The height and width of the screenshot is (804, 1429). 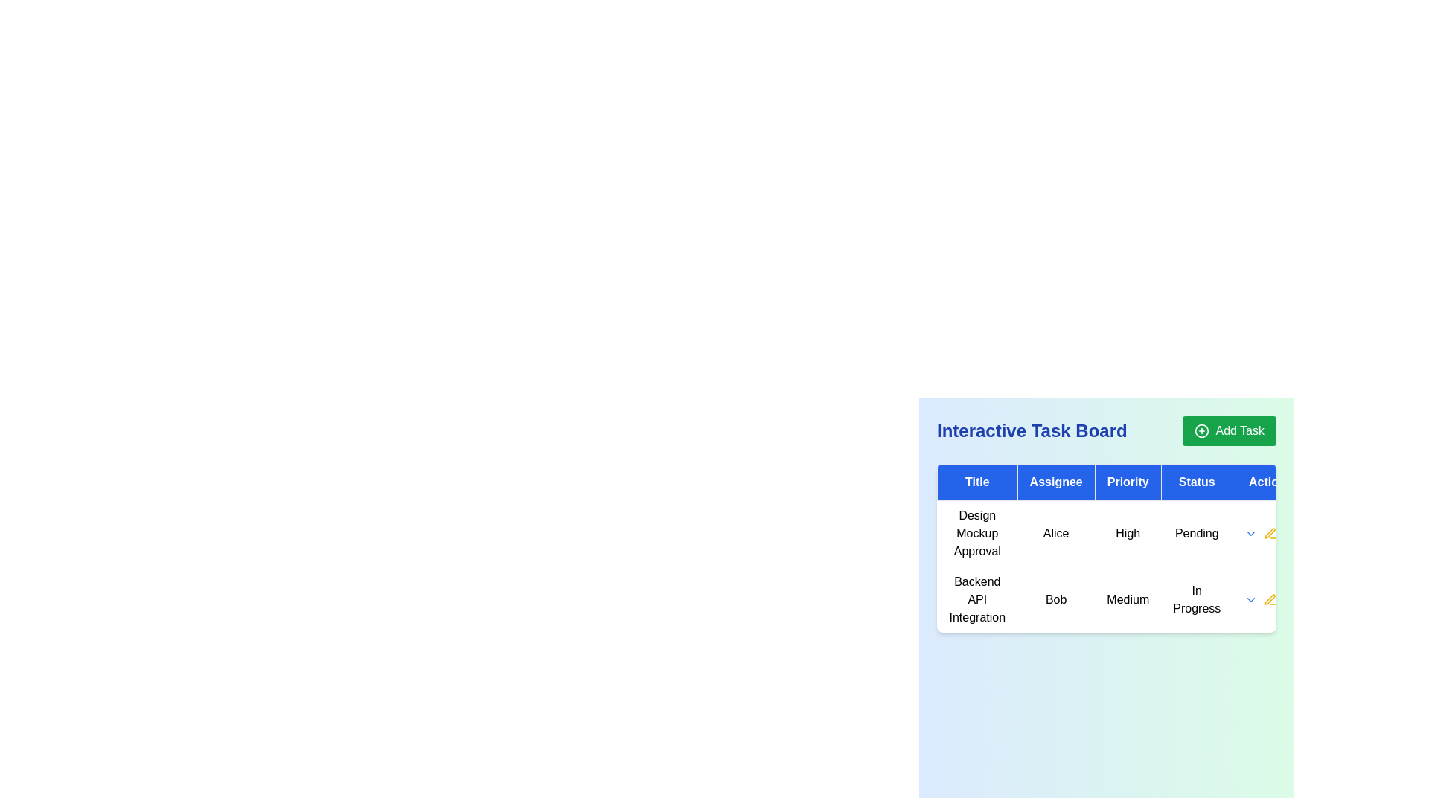 I want to click on the SVG sub-element located in the 'Action' column of the first row of the table to visually indicate a specific action, so click(x=1289, y=533).